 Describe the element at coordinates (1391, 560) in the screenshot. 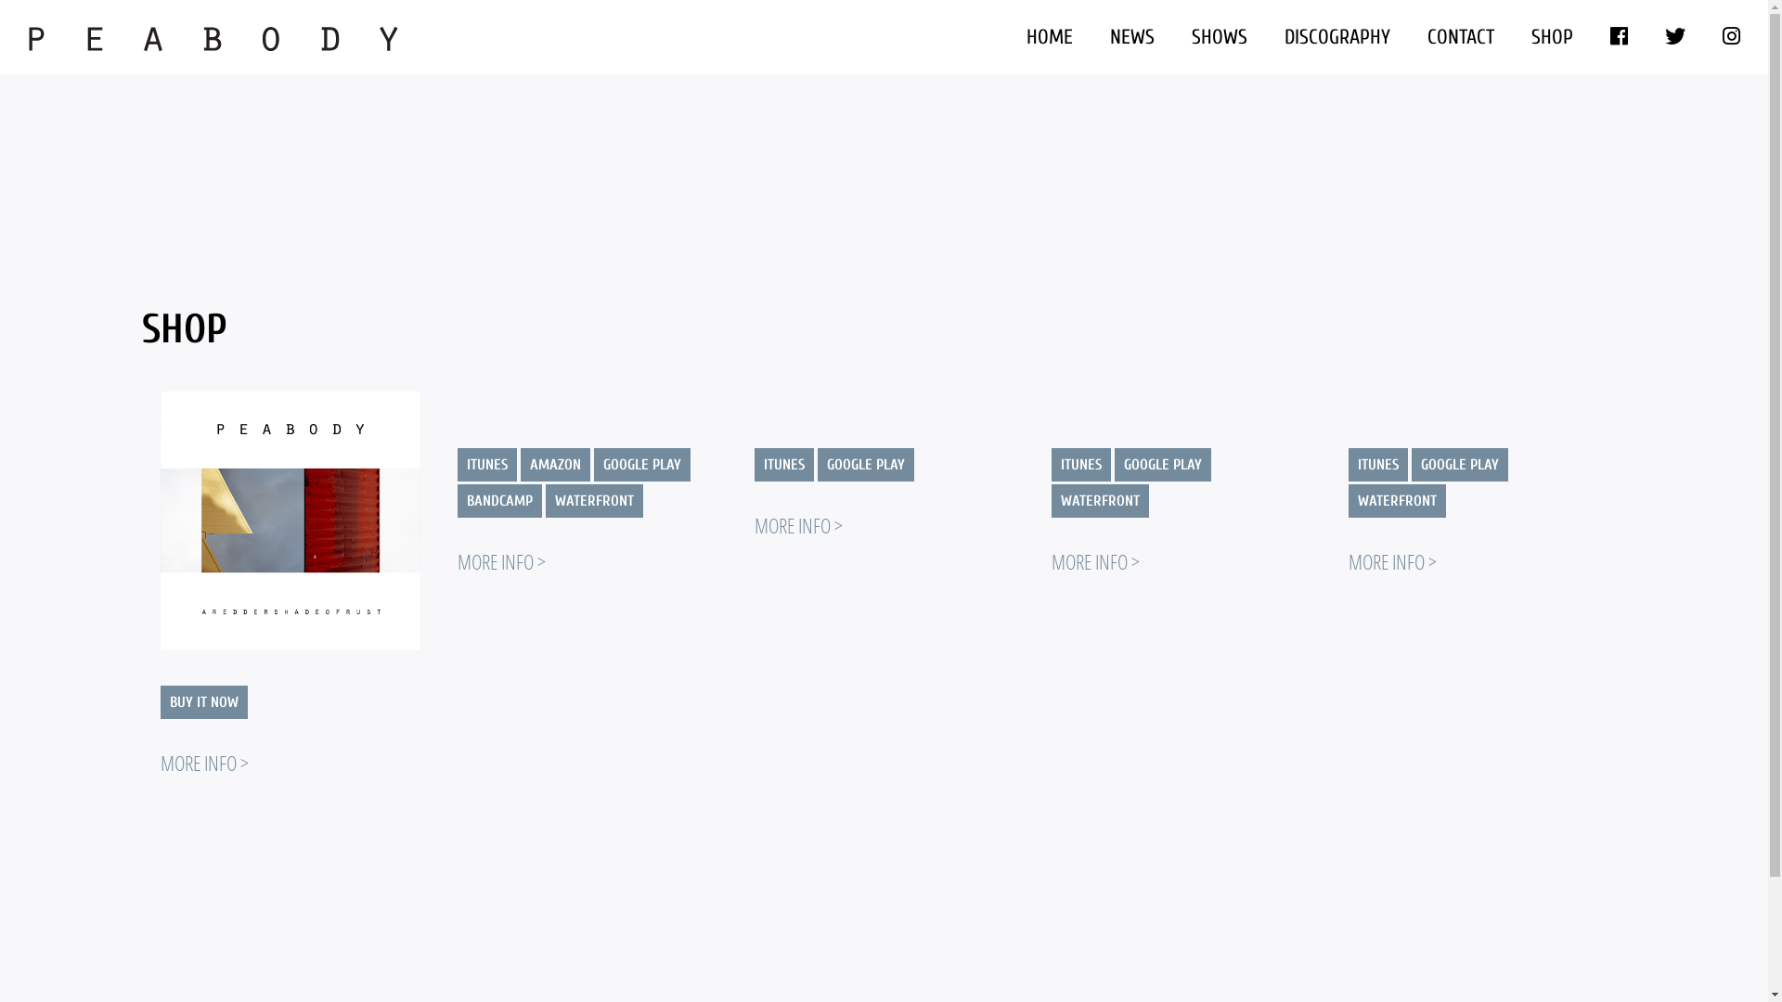

I see `'MORE INFO >'` at that location.